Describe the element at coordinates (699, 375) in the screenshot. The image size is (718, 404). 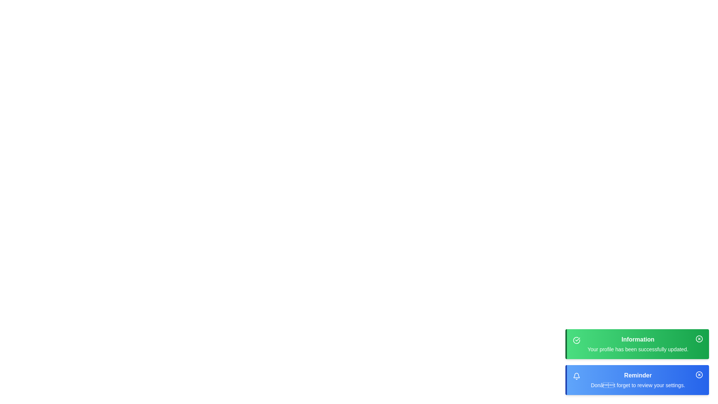
I see `the close button located at the bottom-right corner of the 'Reminder' notification bar` at that location.